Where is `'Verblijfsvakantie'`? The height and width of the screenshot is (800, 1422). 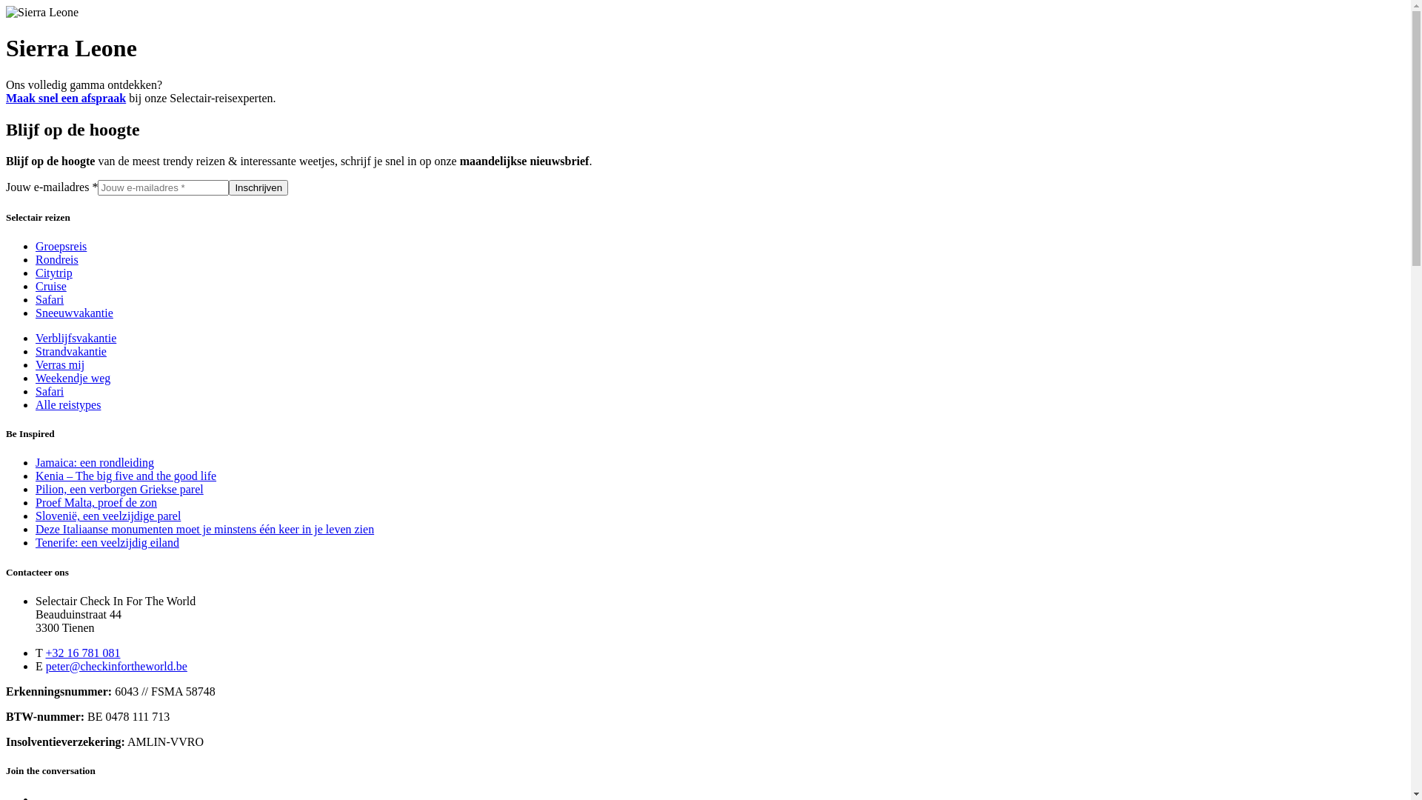 'Verblijfsvakantie' is located at coordinates (75, 338).